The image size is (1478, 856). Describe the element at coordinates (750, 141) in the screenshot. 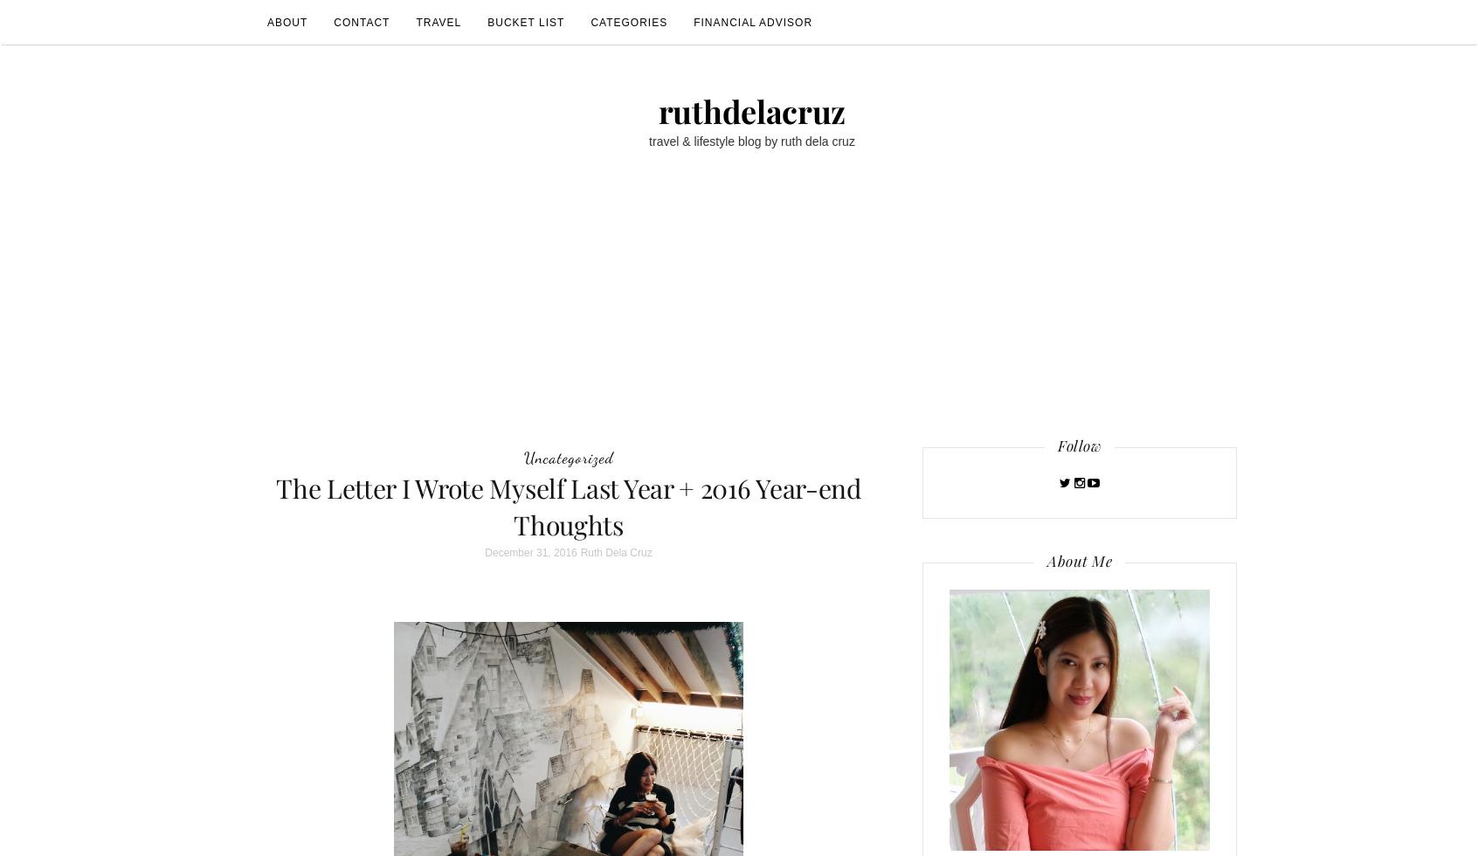

I see `'travel & lifestyle blog by ruth dela cruz'` at that location.